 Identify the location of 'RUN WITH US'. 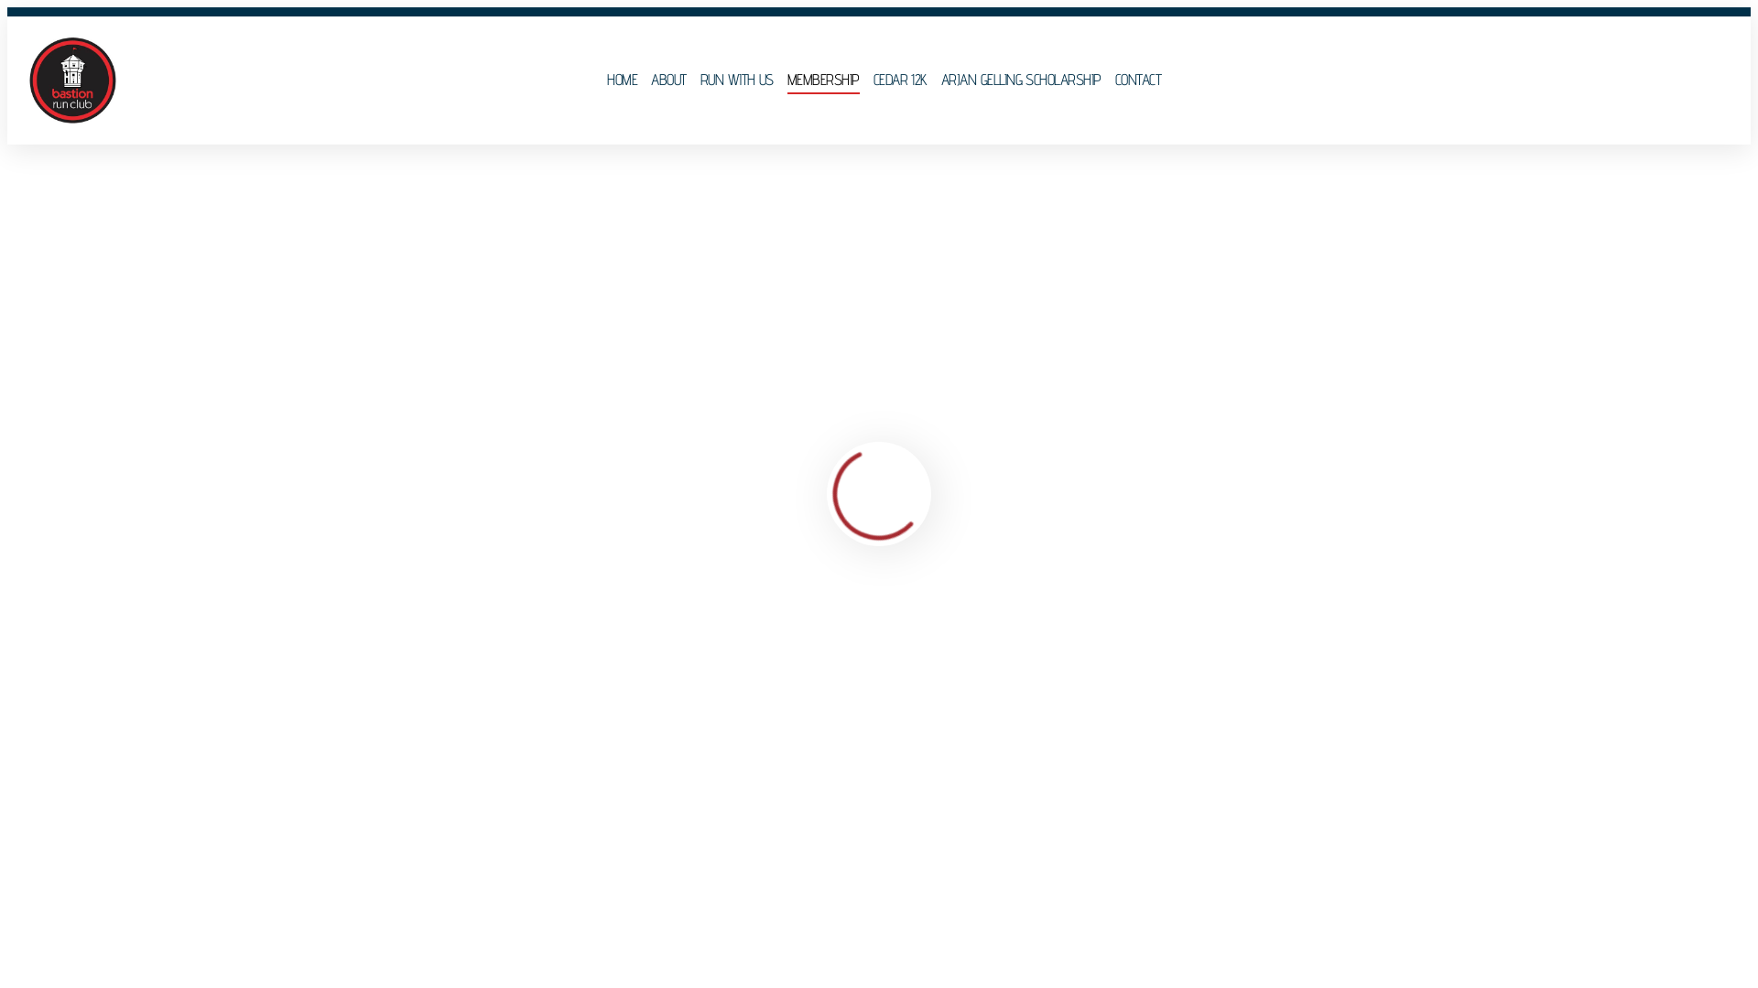
(737, 80).